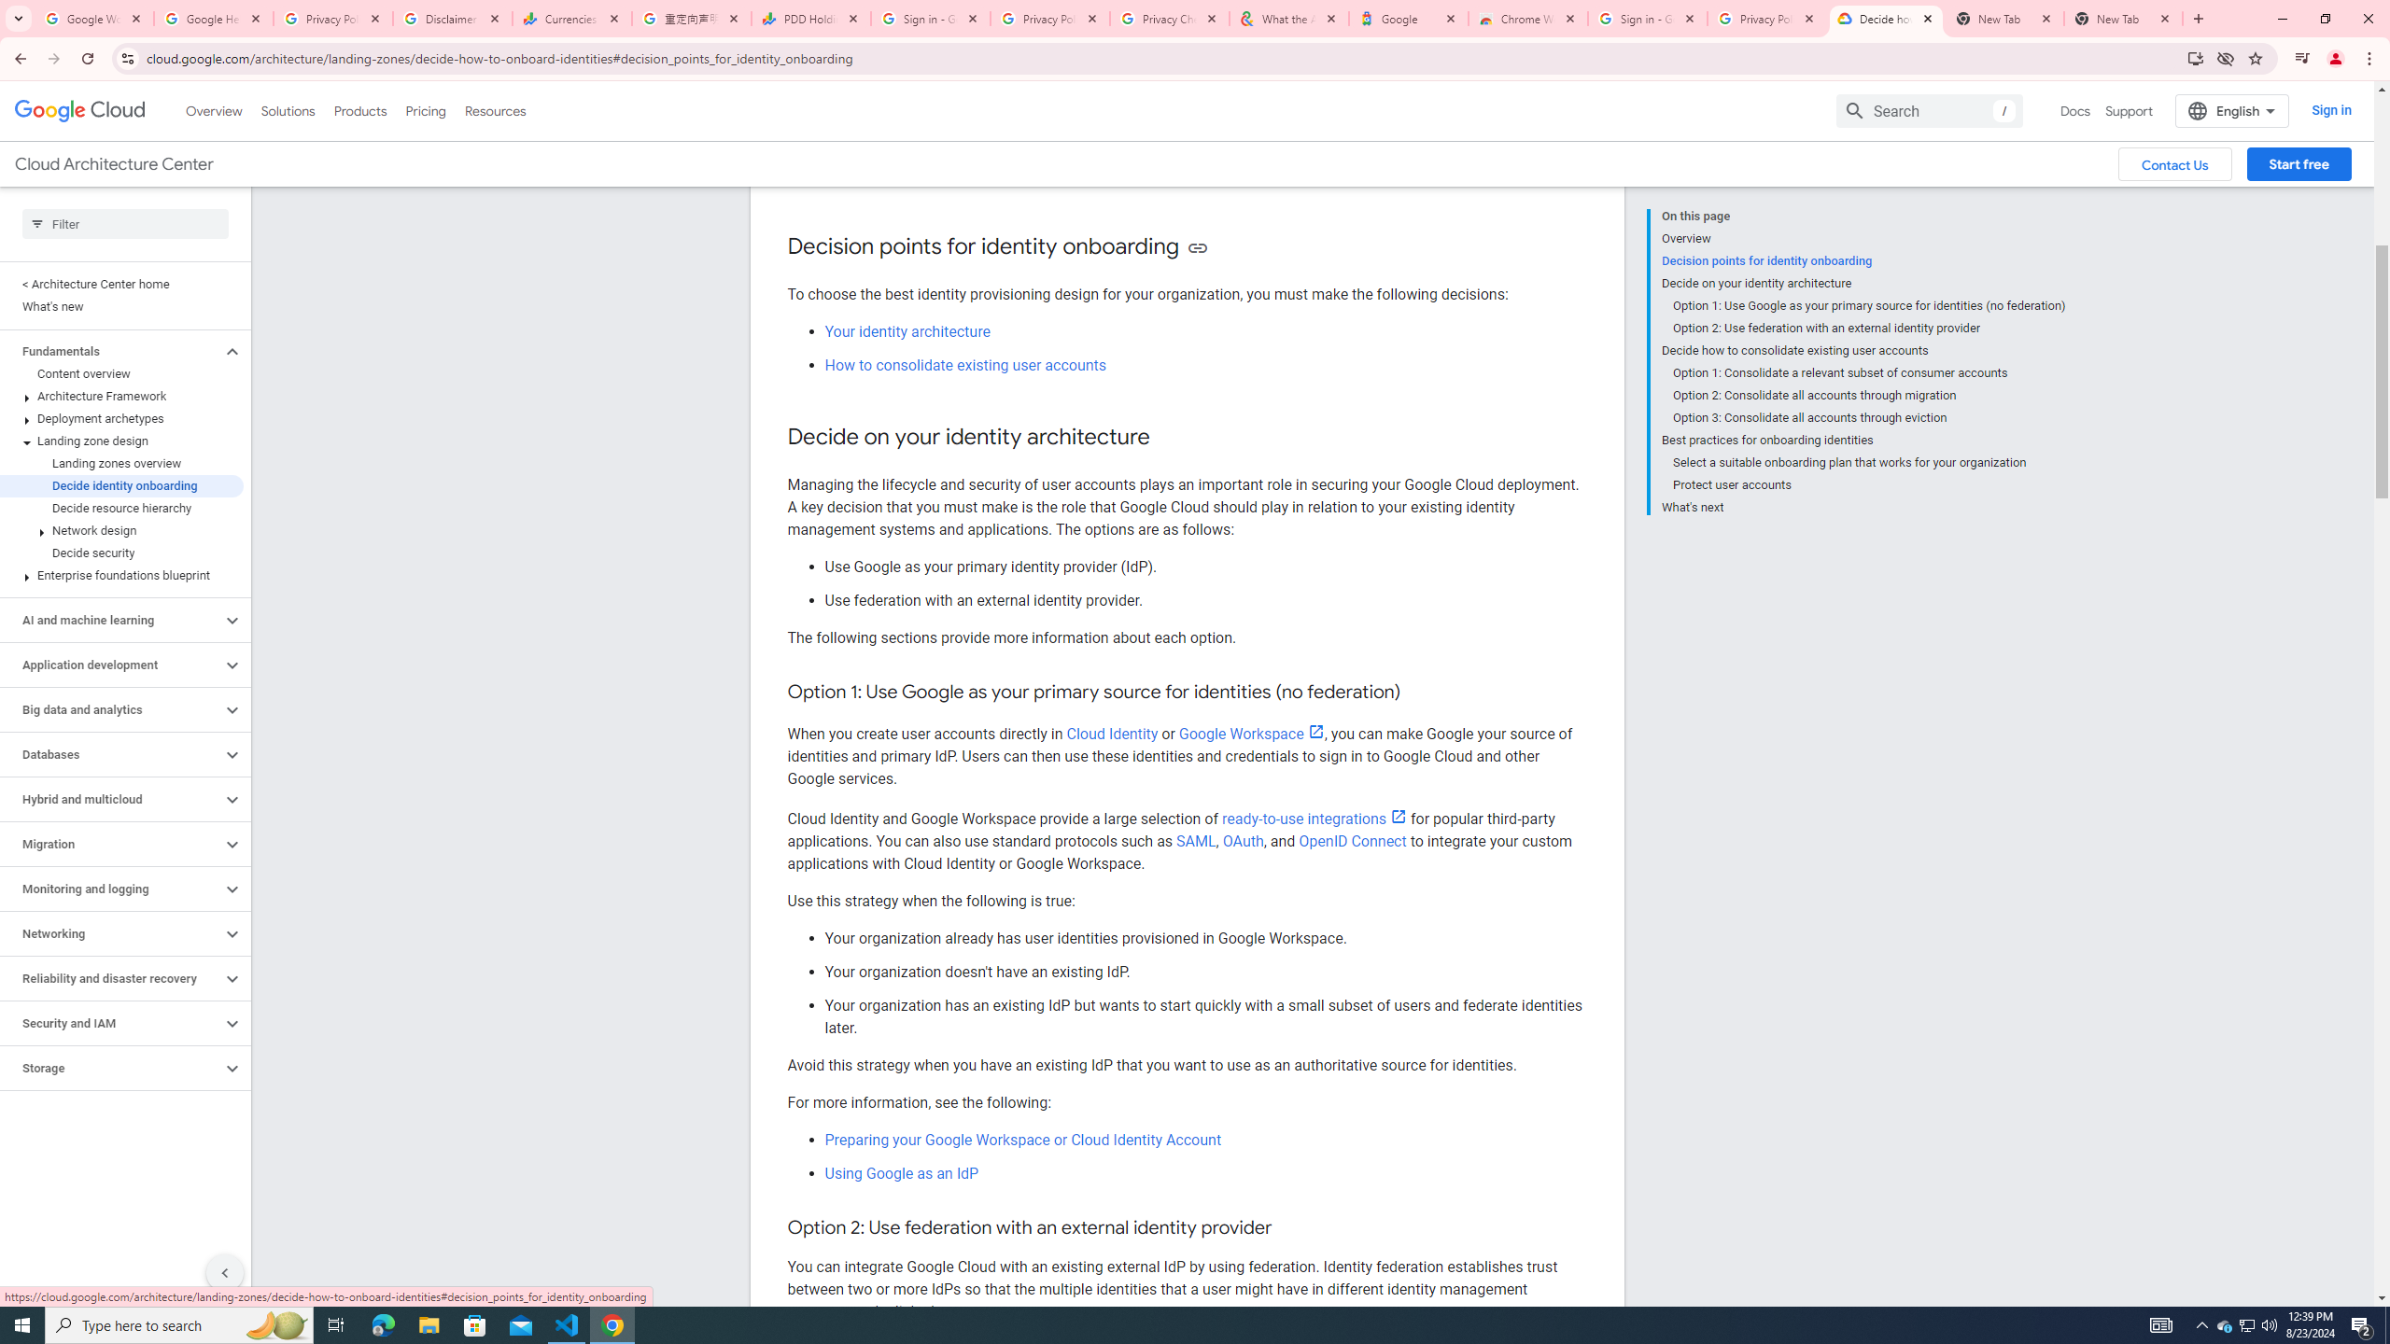 This screenshot has width=2390, height=1344. I want to click on 'Google', so click(1408, 18).